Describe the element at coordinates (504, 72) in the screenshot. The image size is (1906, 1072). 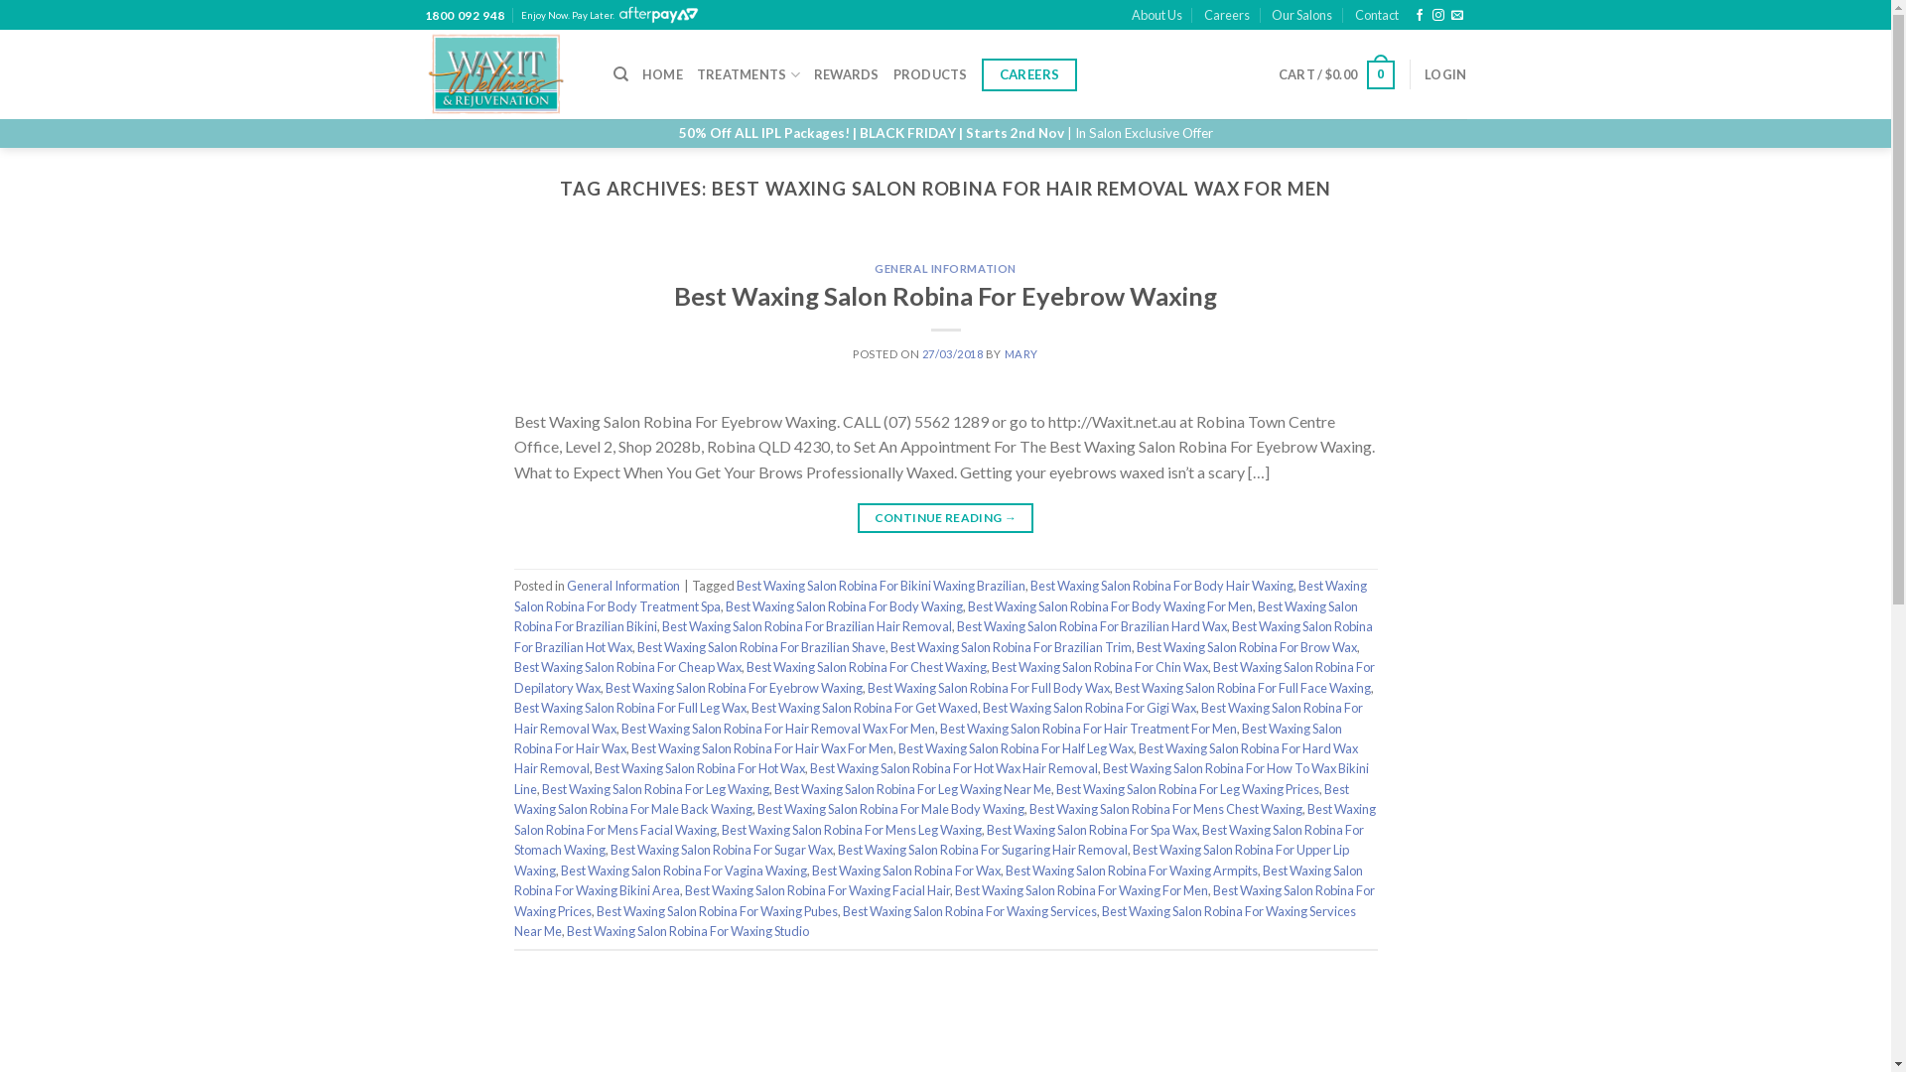
I see `'Wax It - Wellness & Rejuvenation'` at that location.